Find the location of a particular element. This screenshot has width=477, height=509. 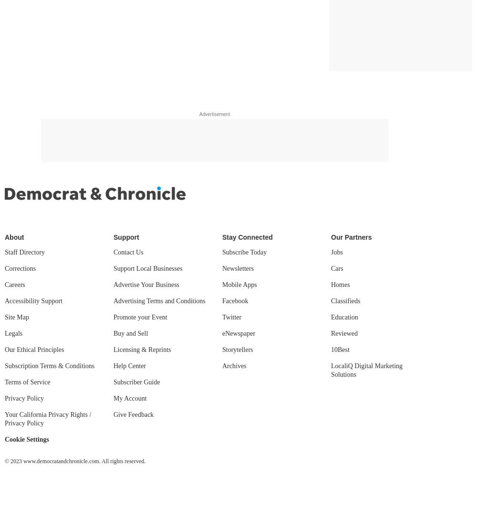

'Support Local Businesses' is located at coordinates (148, 268).